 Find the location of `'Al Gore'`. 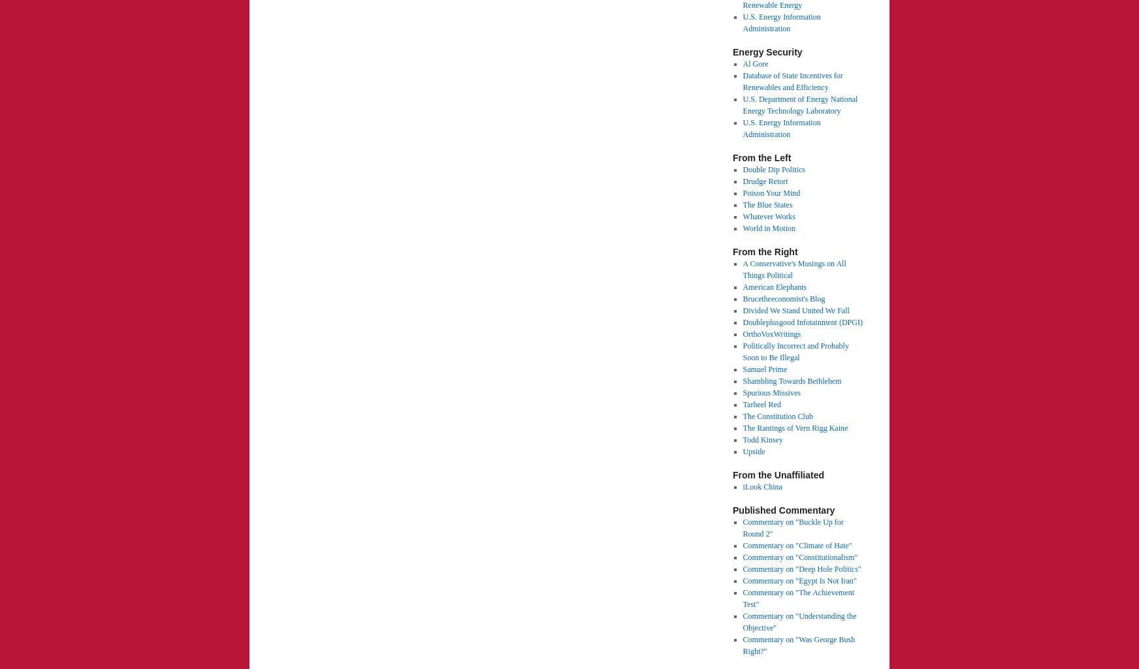

'Al Gore' is located at coordinates (741, 63).